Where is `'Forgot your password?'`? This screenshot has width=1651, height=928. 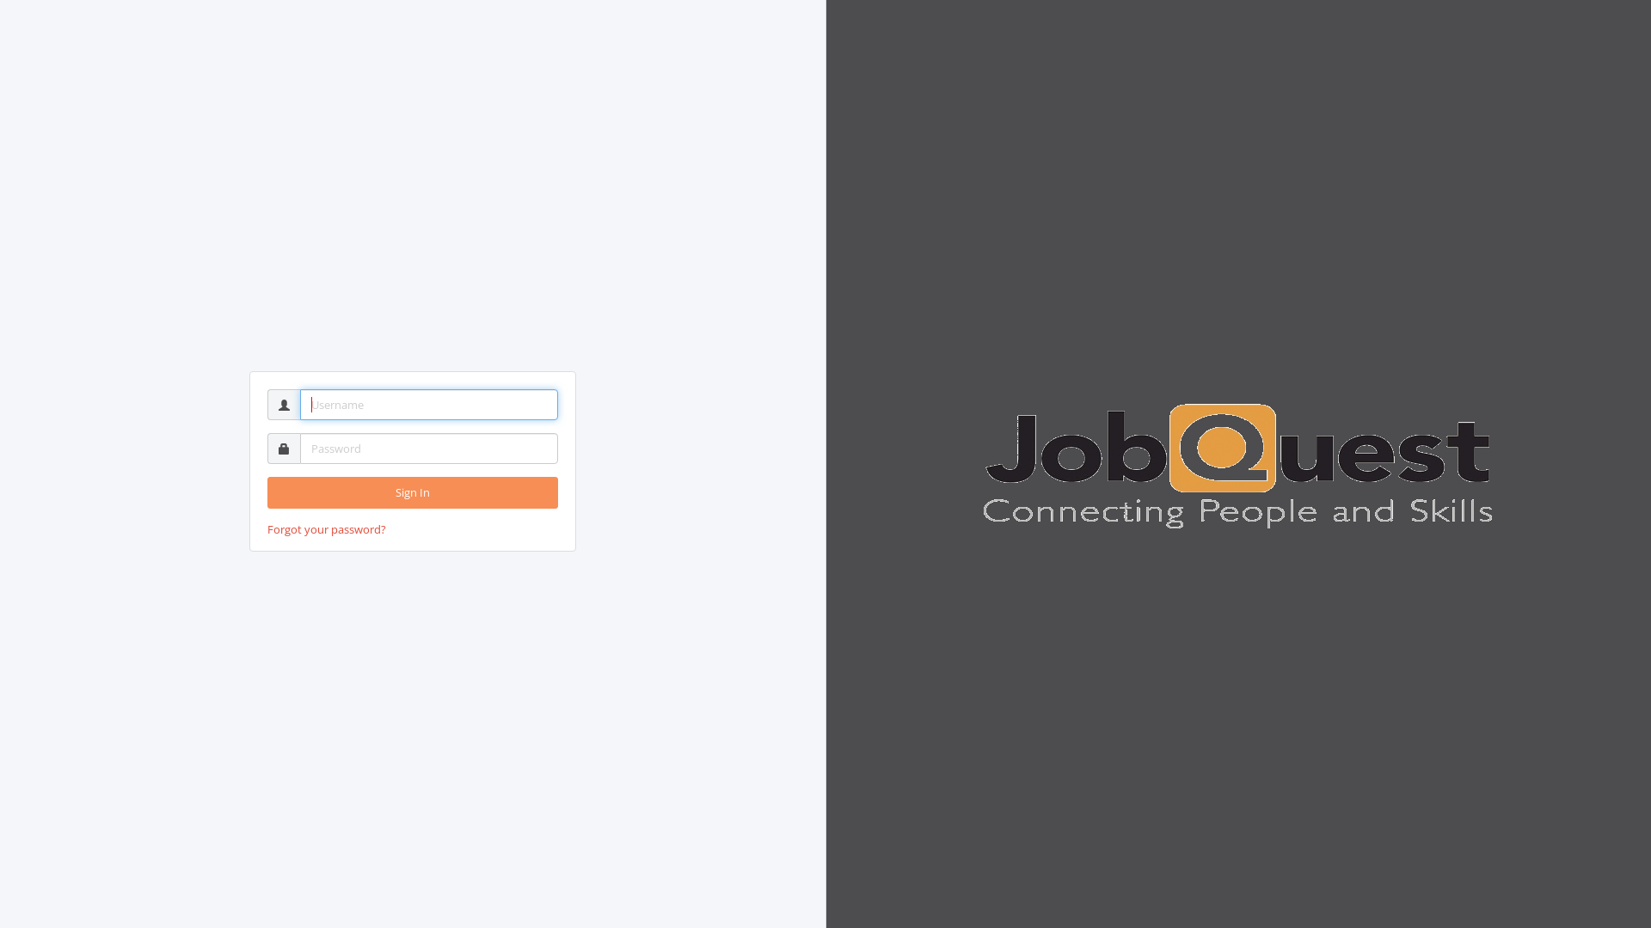
'Forgot your password?' is located at coordinates (326, 528).